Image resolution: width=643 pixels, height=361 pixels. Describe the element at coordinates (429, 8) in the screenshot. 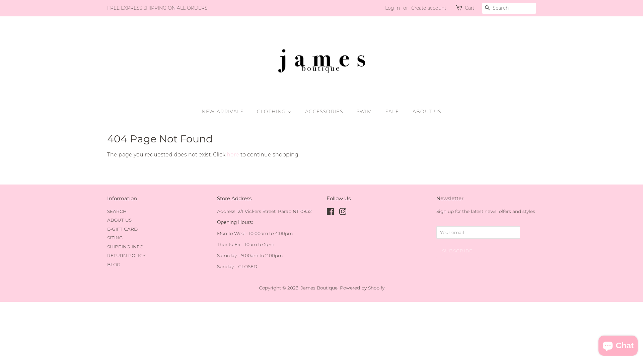

I see `'Create account'` at that location.